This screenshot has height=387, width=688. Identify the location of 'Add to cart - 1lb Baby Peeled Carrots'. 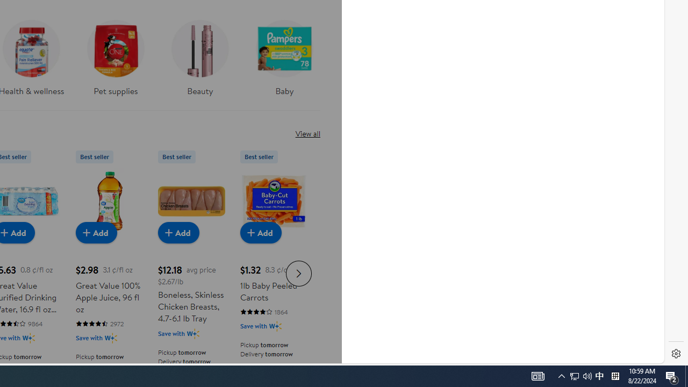
(261, 232).